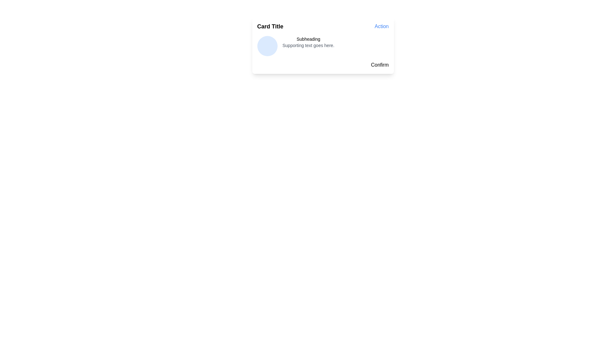 The width and height of the screenshot is (607, 341). I want to click on the Header Text that serves as a title for the card, positioned at the top-left corner of the card component, so click(270, 26).